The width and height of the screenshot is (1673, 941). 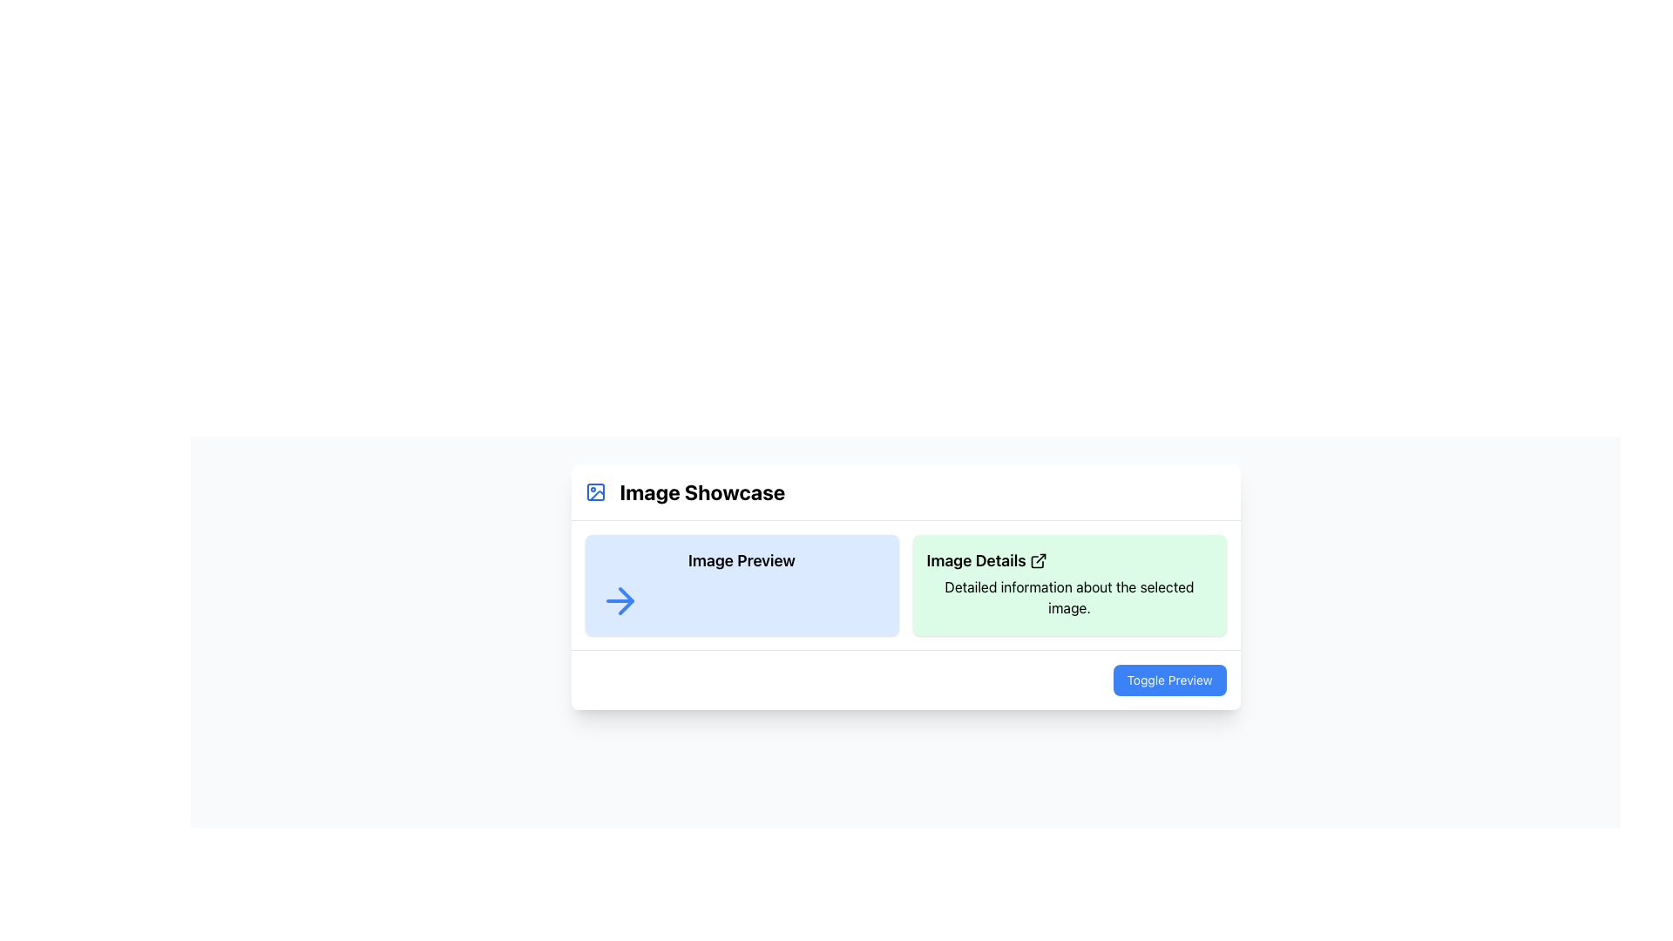 What do you see at coordinates (1068, 585) in the screenshot?
I see `the Informational Section titled 'Image Details' with a light green background, rounded corners, and an external link icon next to the title` at bounding box center [1068, 585].